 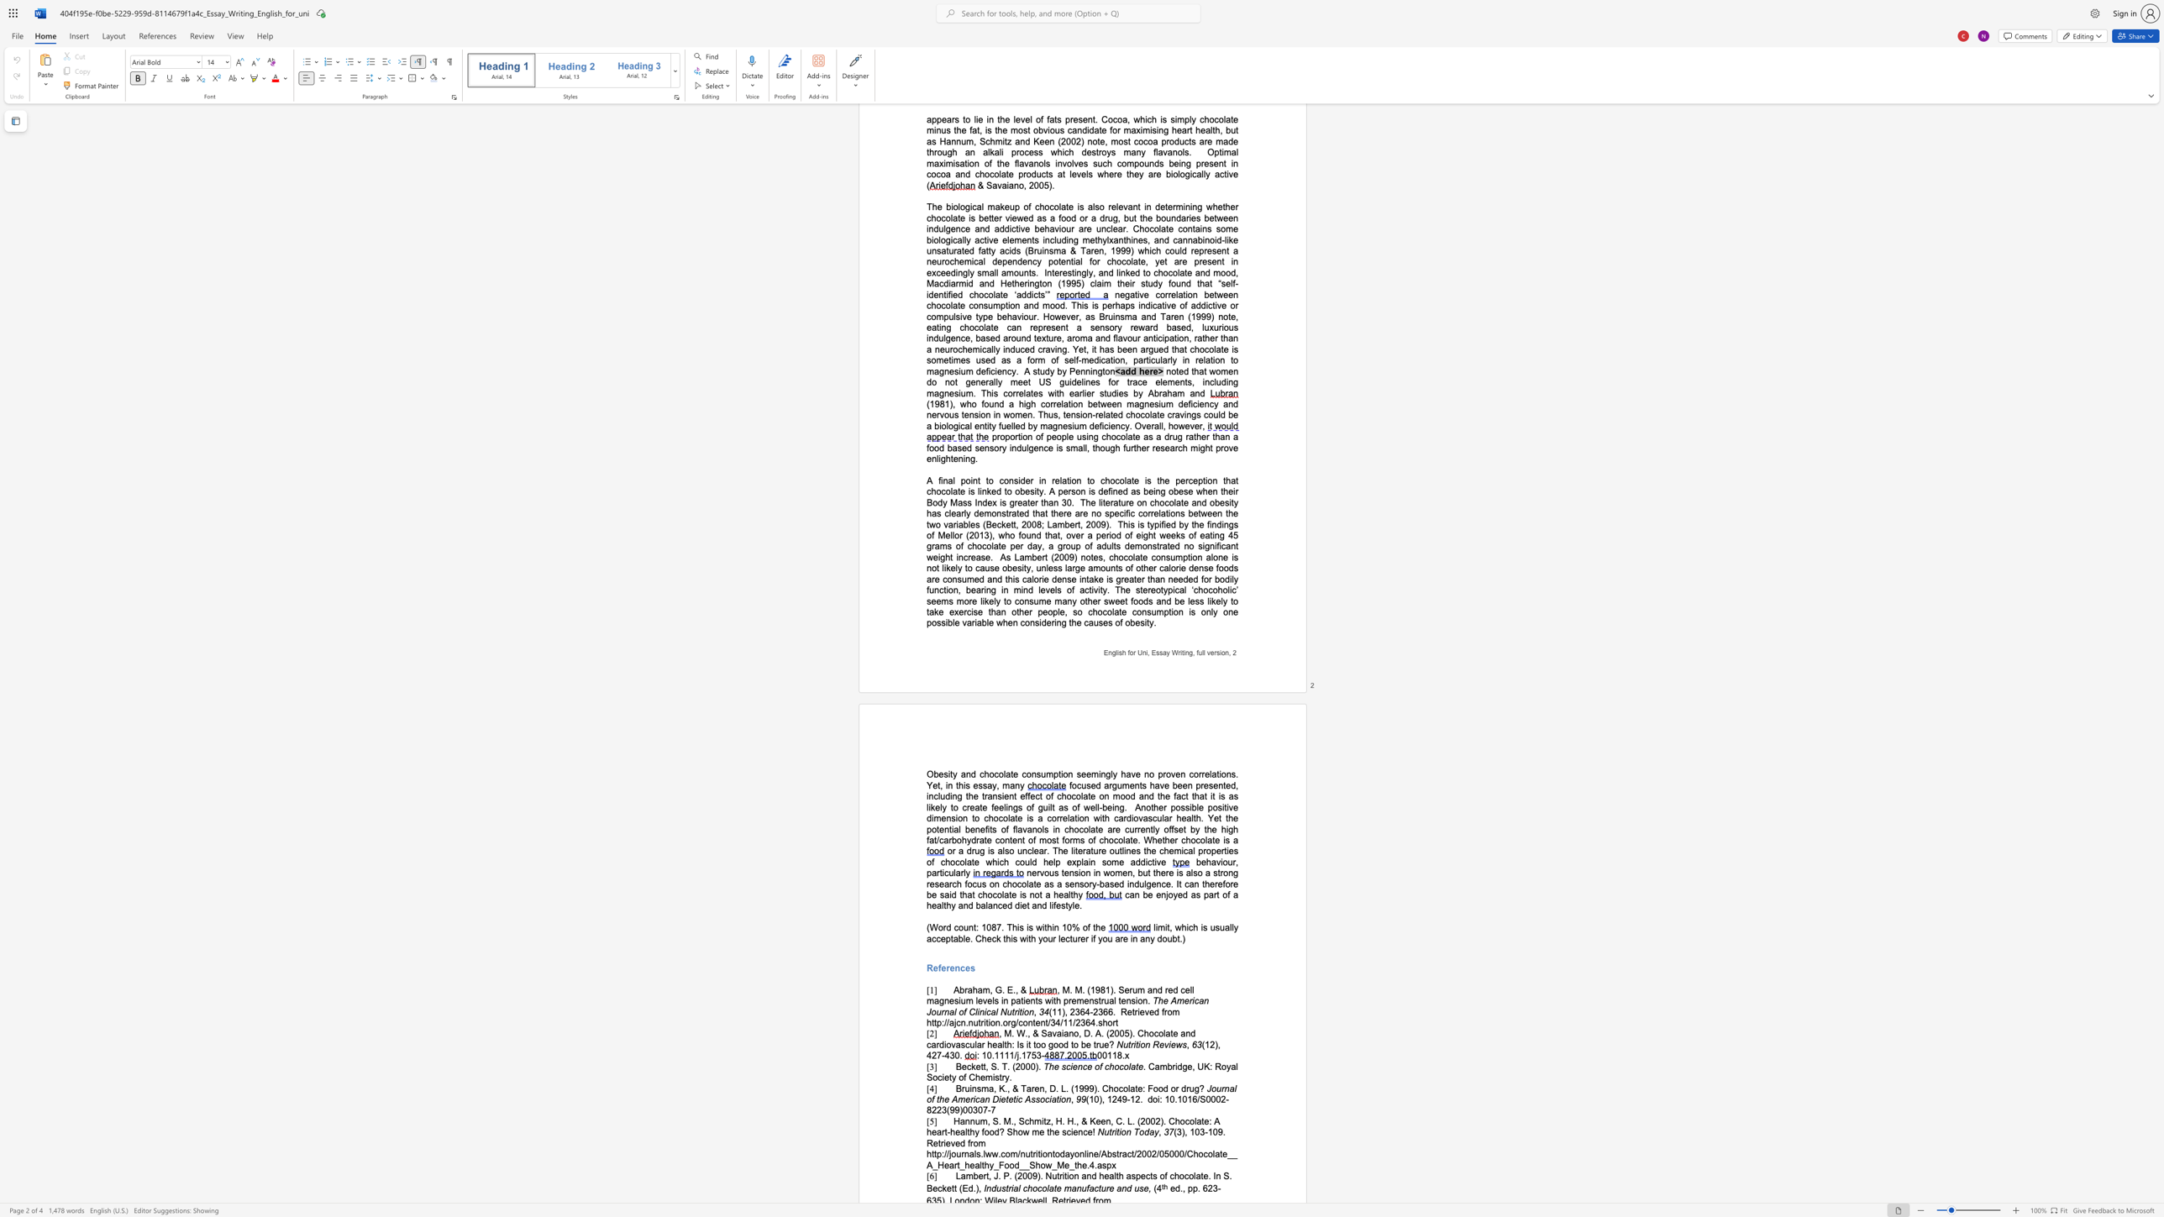 What do you see at coordinates (978, 1023) in the screenshot?
I see `the subset text "trition.org/content/34/11/2364.sh" within the text "Retrieved from http://ajcn.nutrition.org/content/34/11/2364.short"` at bounding box center [978, 1023].